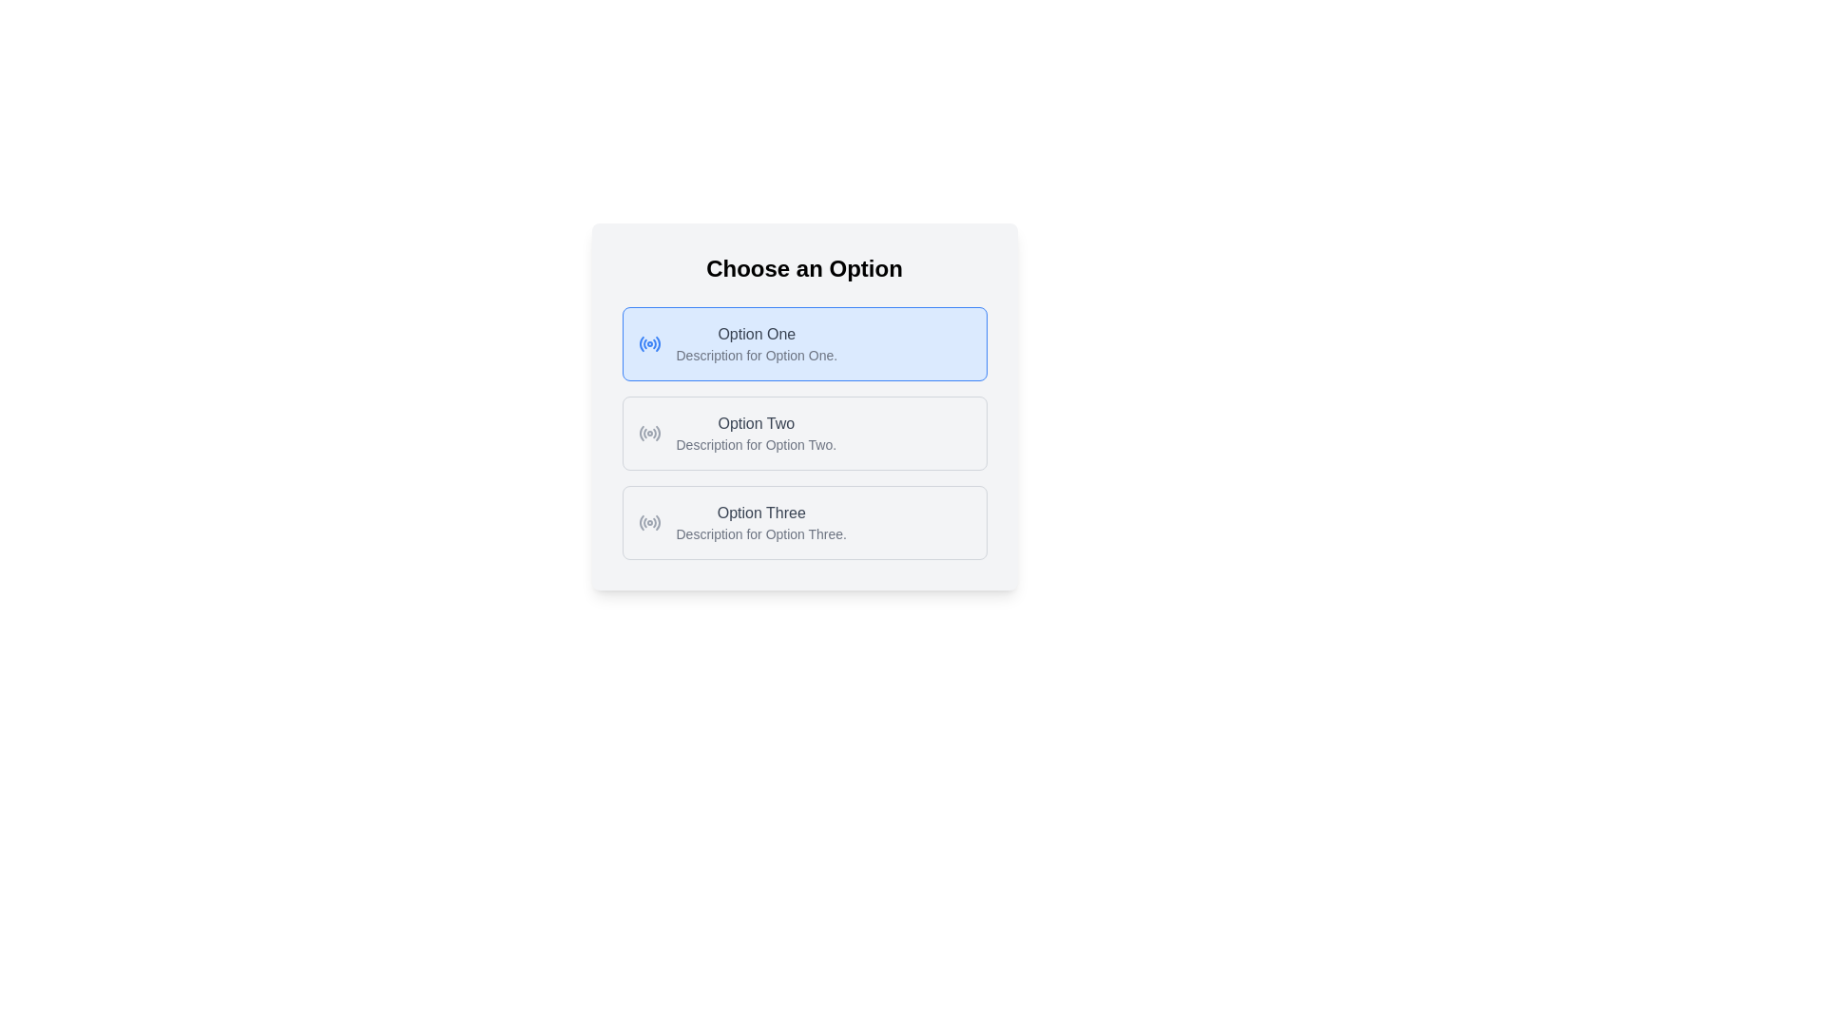 The image size is (1825, 1027). I want to click on the text block displaying 'Option Three' with its associated description, which is part of a selection interface, so click(761, 523).